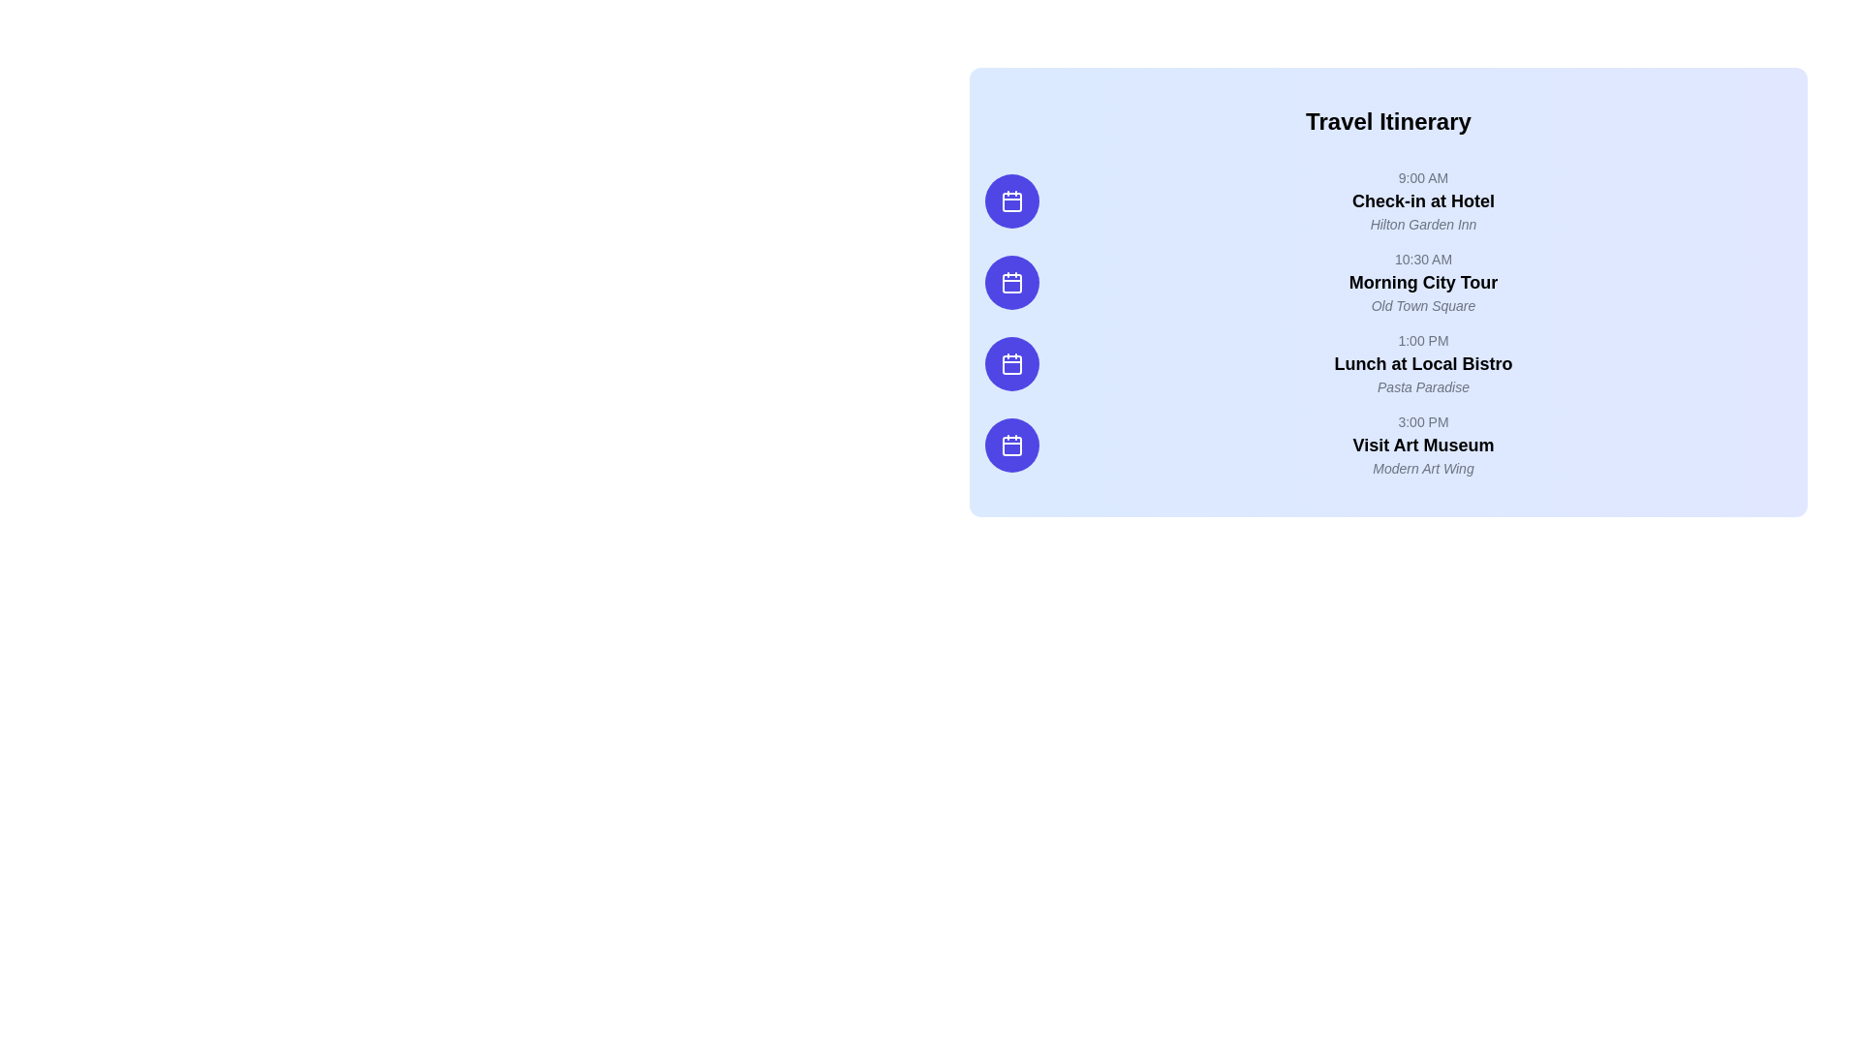 This screenshot has width=1860, height=1046. I want to click on displayed time from the text label showing '3:00 PM', which is centrally aligned within its entry in the itinerary layout, so click(1423, 420).